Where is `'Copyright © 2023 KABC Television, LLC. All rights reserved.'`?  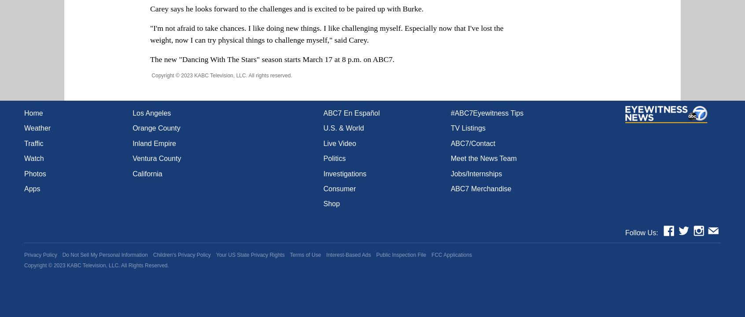
'Copyright © 2023 KABC Television, LLC. All rights reserved.' is located at coordinates (221, 75).